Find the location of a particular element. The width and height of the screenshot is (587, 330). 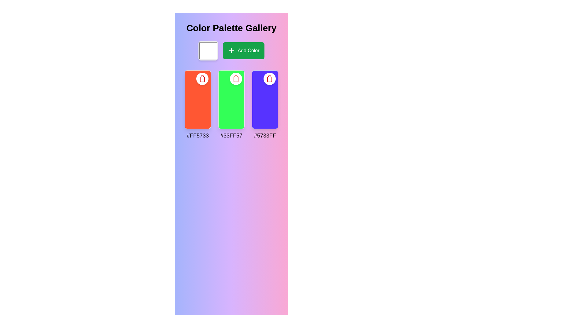

the second Color display card in the Color Palette Gallery is located at coordinates (231, 105).